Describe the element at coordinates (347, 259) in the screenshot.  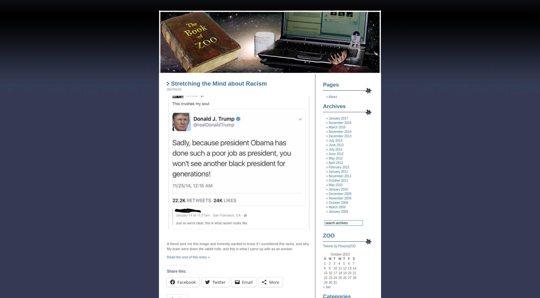
I see `'F'` at that location.